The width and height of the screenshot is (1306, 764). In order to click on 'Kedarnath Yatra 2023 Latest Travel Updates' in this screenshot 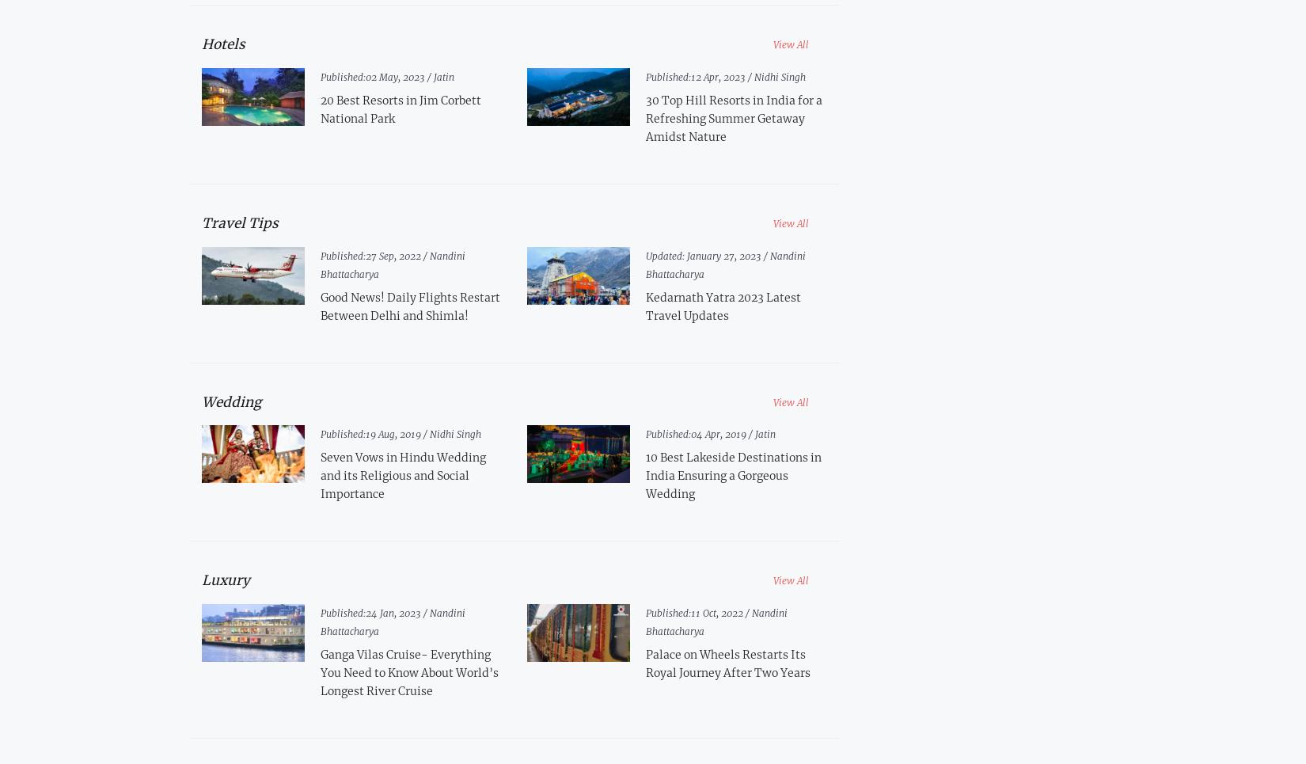, I will do `click(723, 305)`.